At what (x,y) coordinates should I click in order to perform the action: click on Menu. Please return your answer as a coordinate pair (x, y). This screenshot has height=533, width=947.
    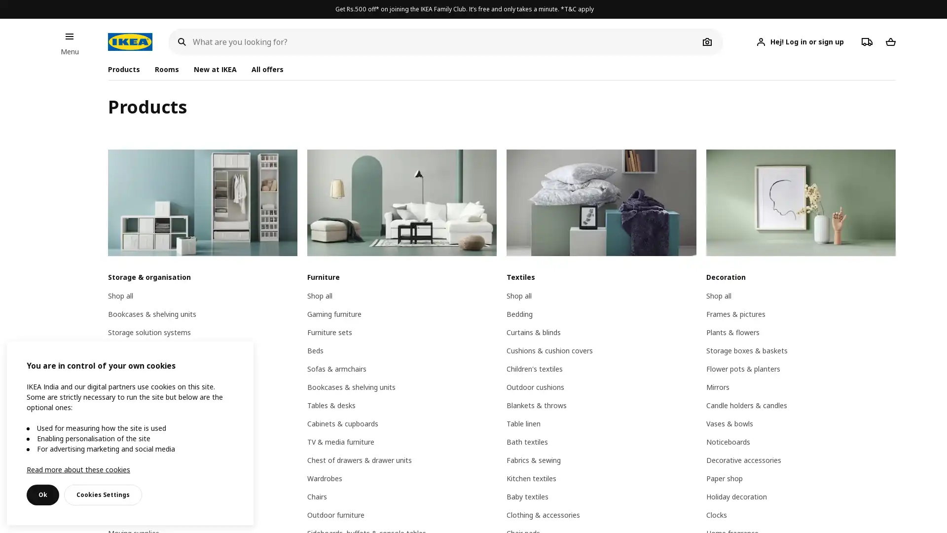
    Looking at the image, I should click on (69, 36).